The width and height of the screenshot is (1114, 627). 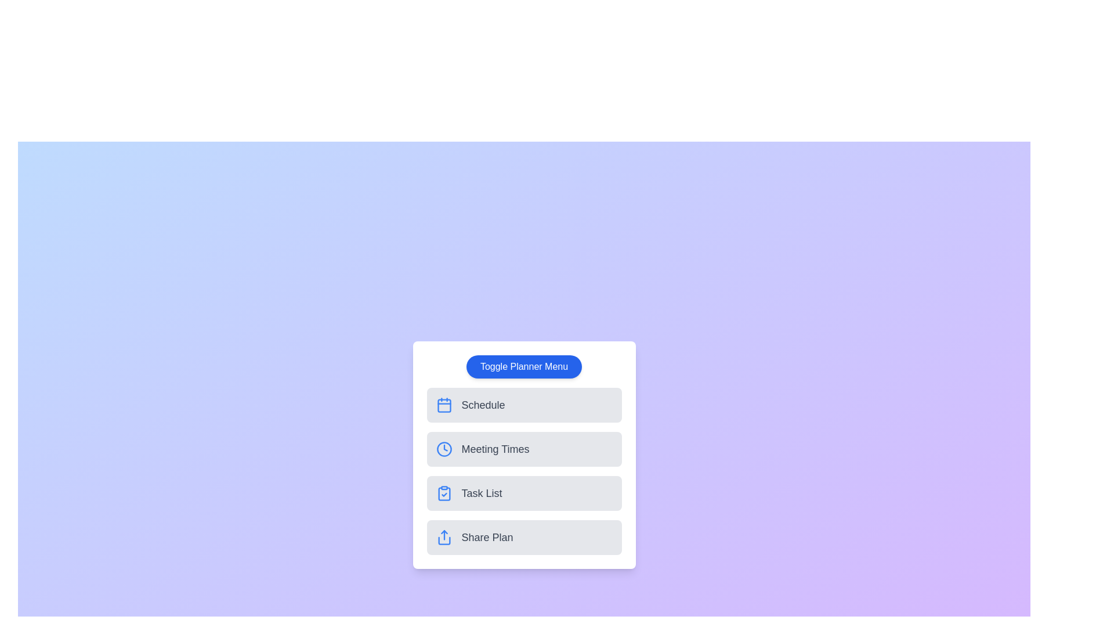 I want to click on the 'Toggle Planner Menu' button to toggle the visibility of the planner menu, so click(x=523, y=367).